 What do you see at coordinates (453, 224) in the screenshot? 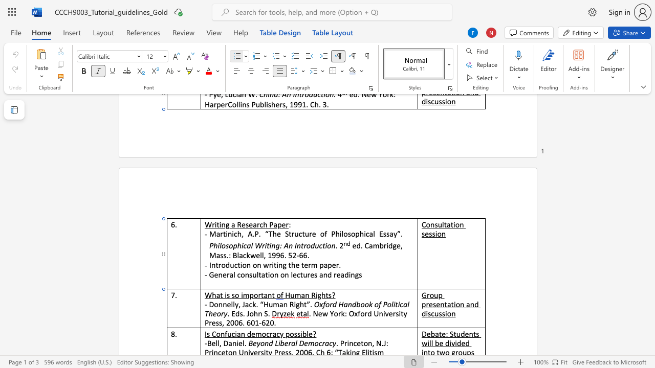
I see `the 1th character "i" in the text` at bounding box center [453, 224].